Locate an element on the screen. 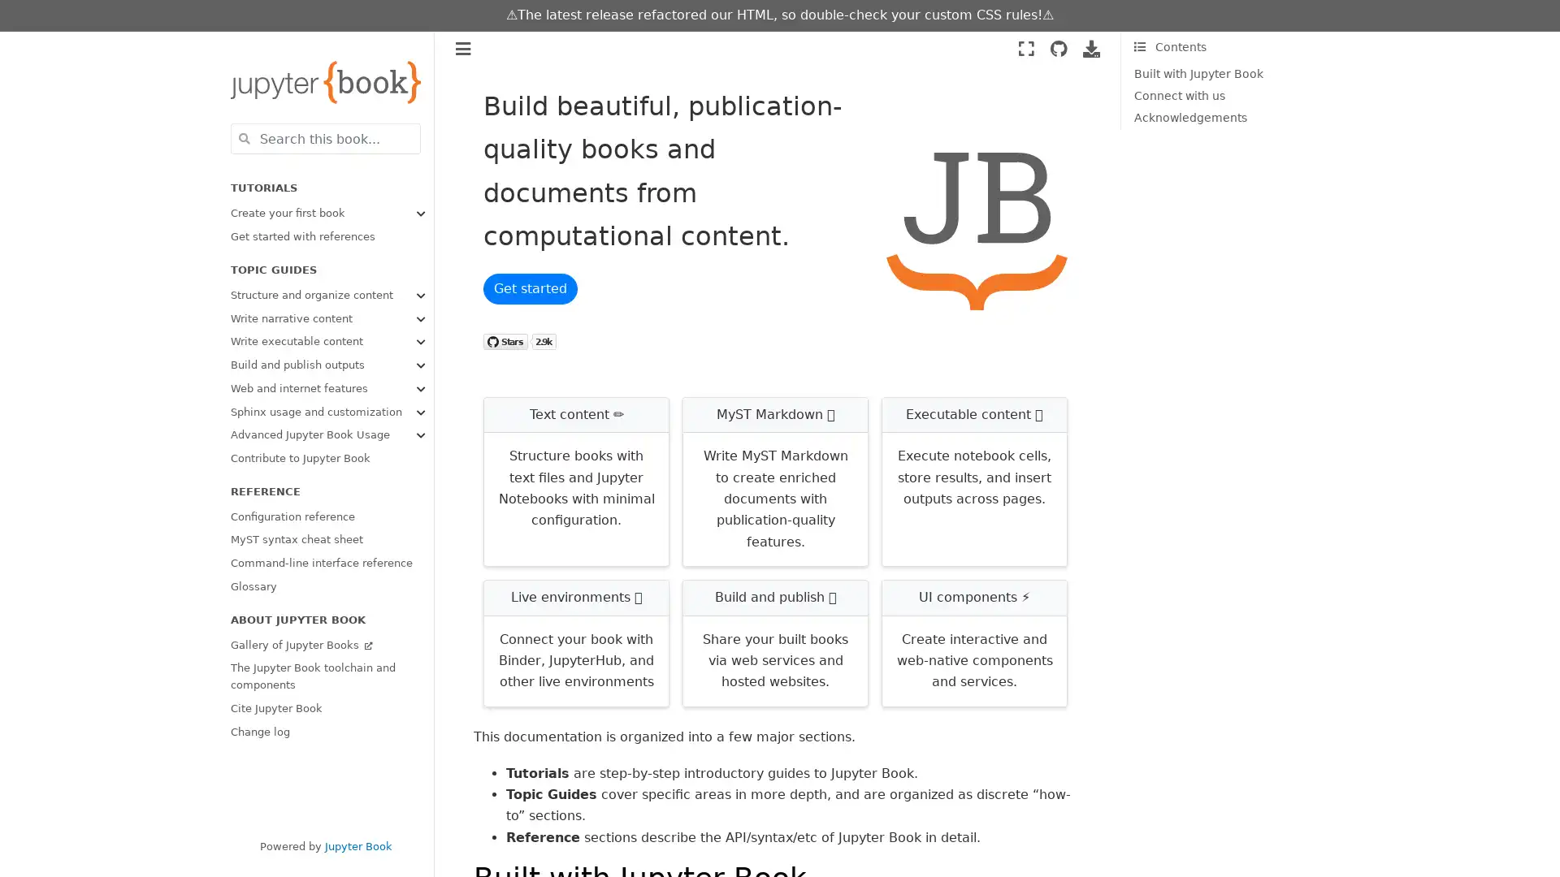  Download this page is located at coordinates (1091, 48).